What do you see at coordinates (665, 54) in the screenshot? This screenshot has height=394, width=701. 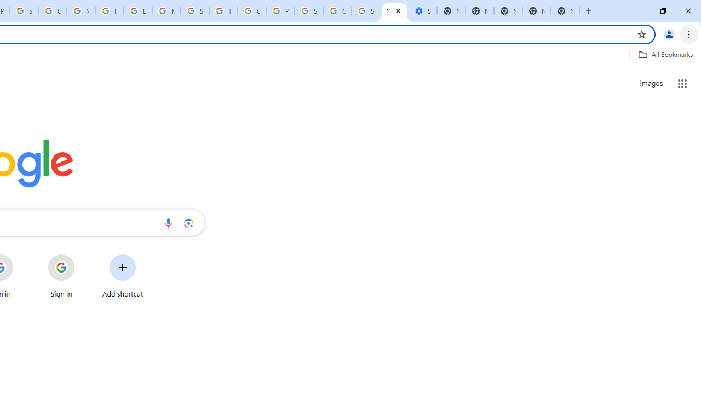 I see `'All Bookmarks'` at bounding box center [665, 54].